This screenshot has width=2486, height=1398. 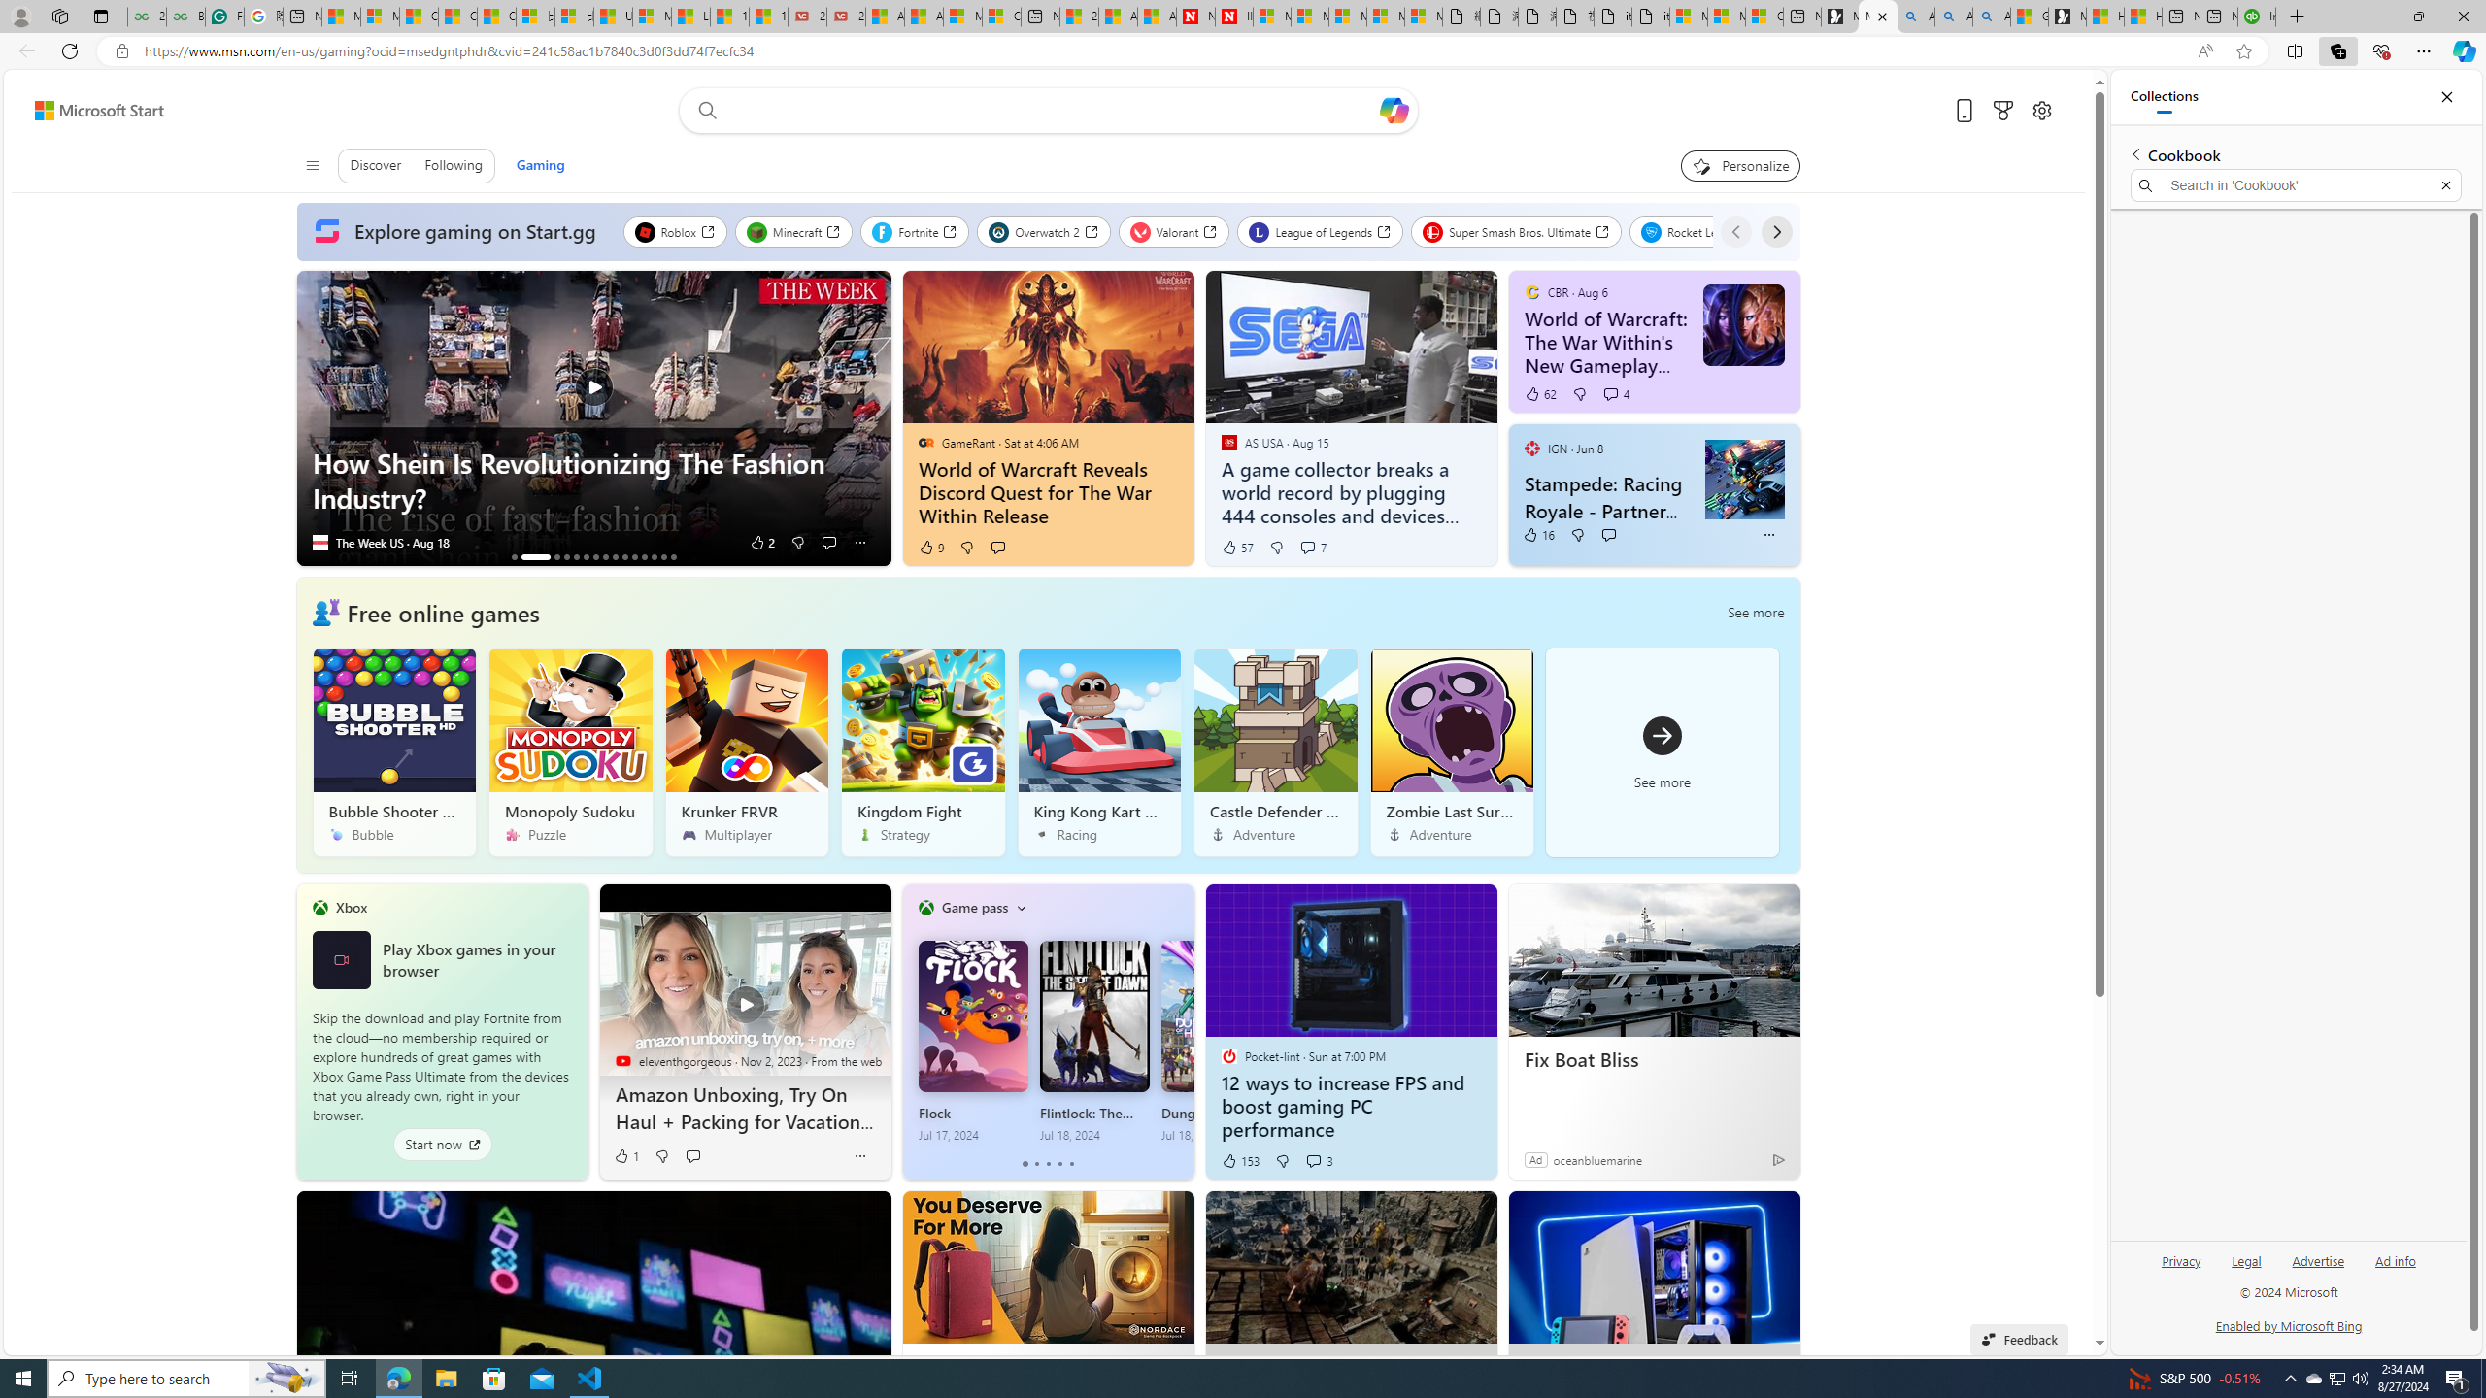 What do you see at coordinates (1092, 1041) in the screenshot?
I see `'Flintlock: The Siege of Dawn Jul 18, 2024'` at bounding box center [1092, 1041].